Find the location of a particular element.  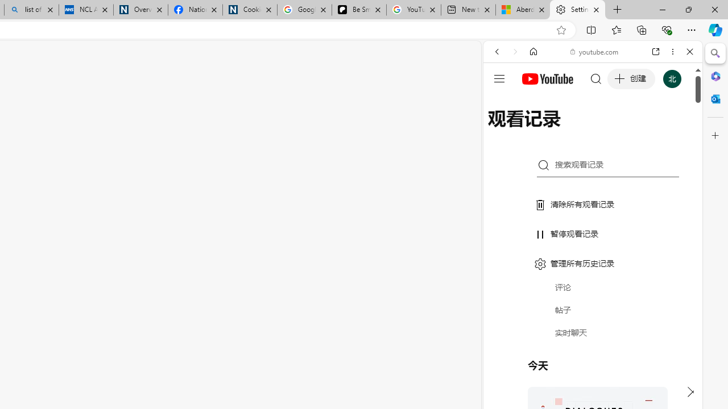

'Open link in new tab' is located at coordinates (656, 52).